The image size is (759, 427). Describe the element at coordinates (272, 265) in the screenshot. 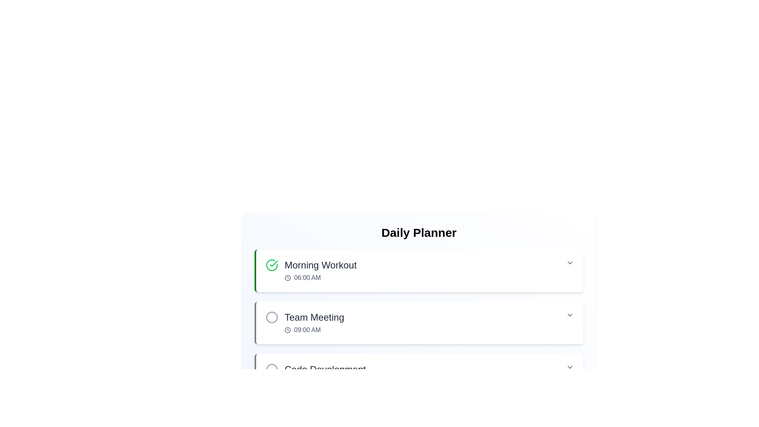

I see `the completion status by interacting with the green circular icon with a checkmark located to the left of the 'Morning Workout' text in the 'Daily Planner' section` at that location.